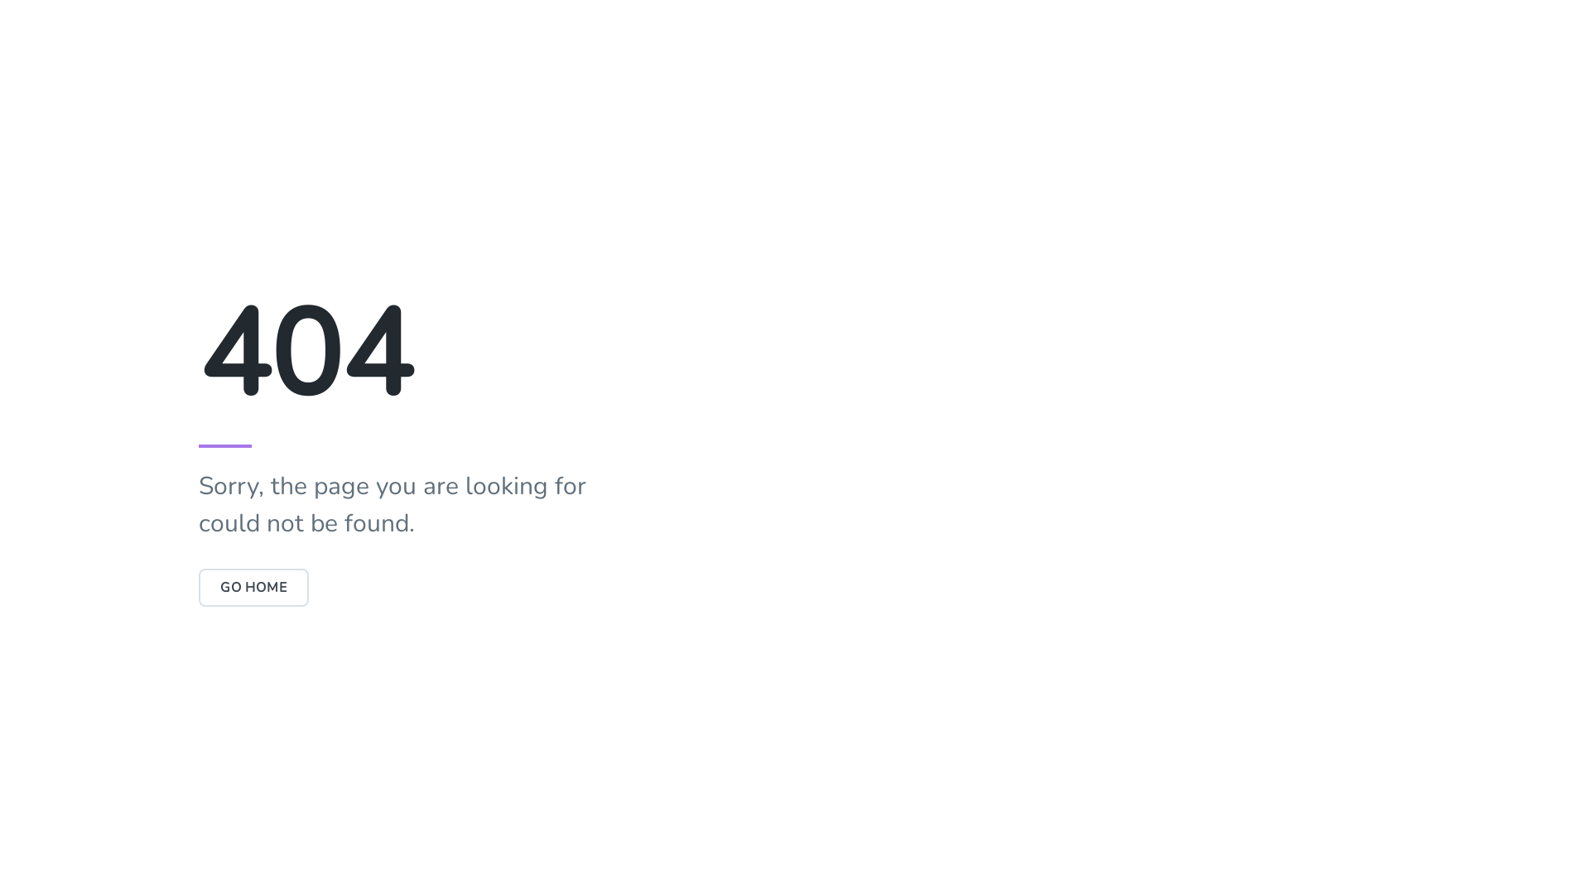 Image resolution: width=1590 pixels, height=894 pixels. What do you see at coordinates (253, 586) in the screenshot?
I see `'GO HOME'` at bounding box center [253, 586].